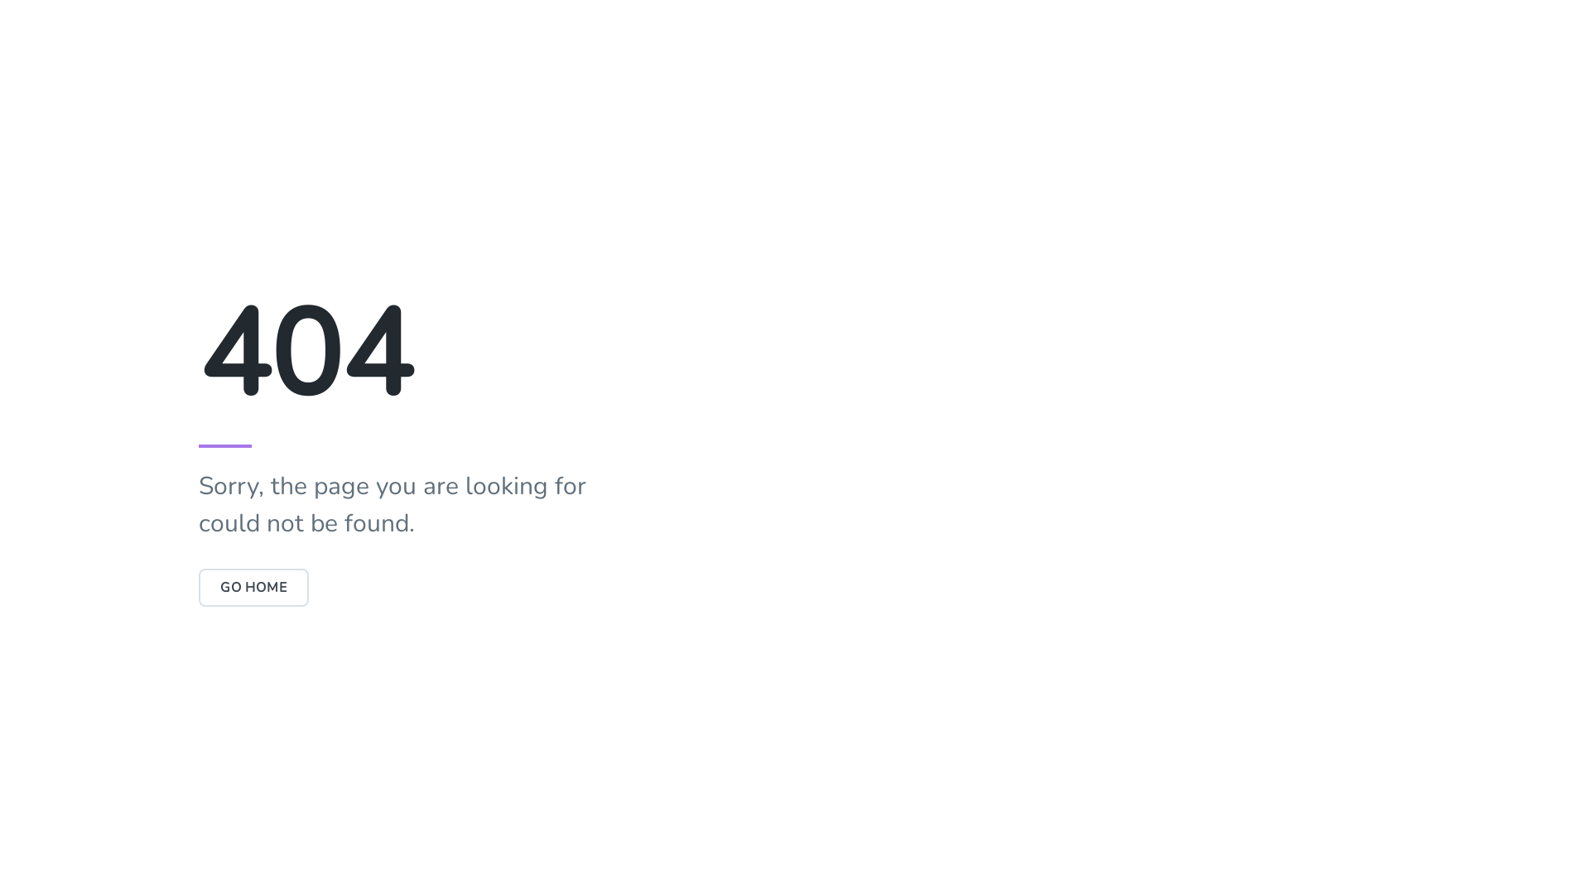 Image resolution: width=1590 pixels, height=894 pixels. What do you see at coordinates (253, 586) in the screenshot?
I see `'GO HOME'` at bounding box center [253, 586].